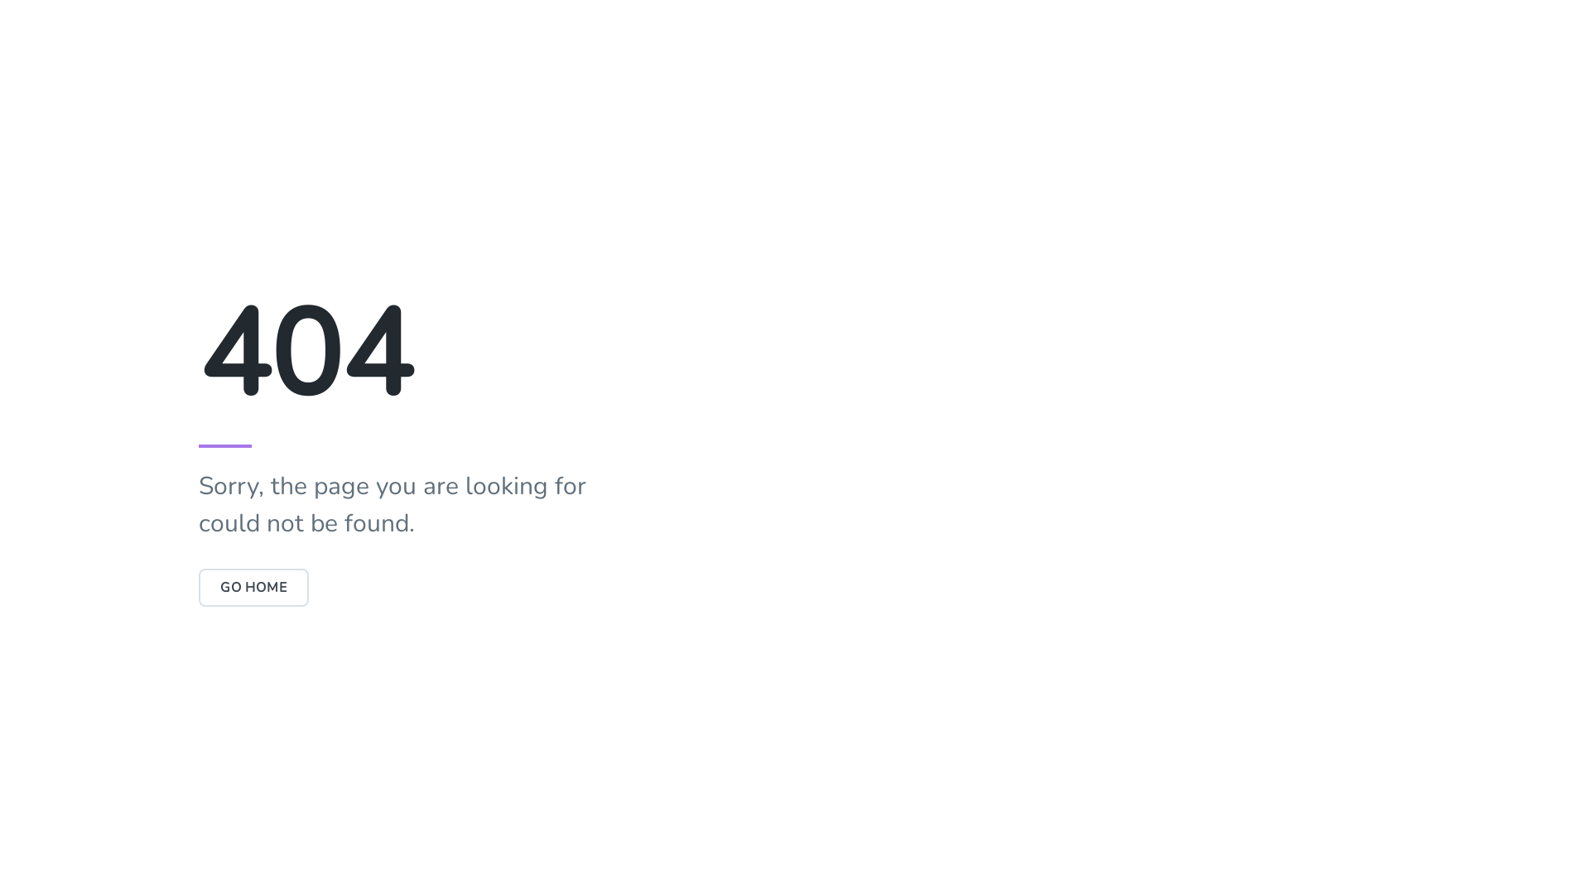 Image resolution: width=1590 pixels, height=894 pixels. What do you see at coordinates (253, 586) in the screenshot?
I see `'GO HOME'` at bounding box center [253, 586].